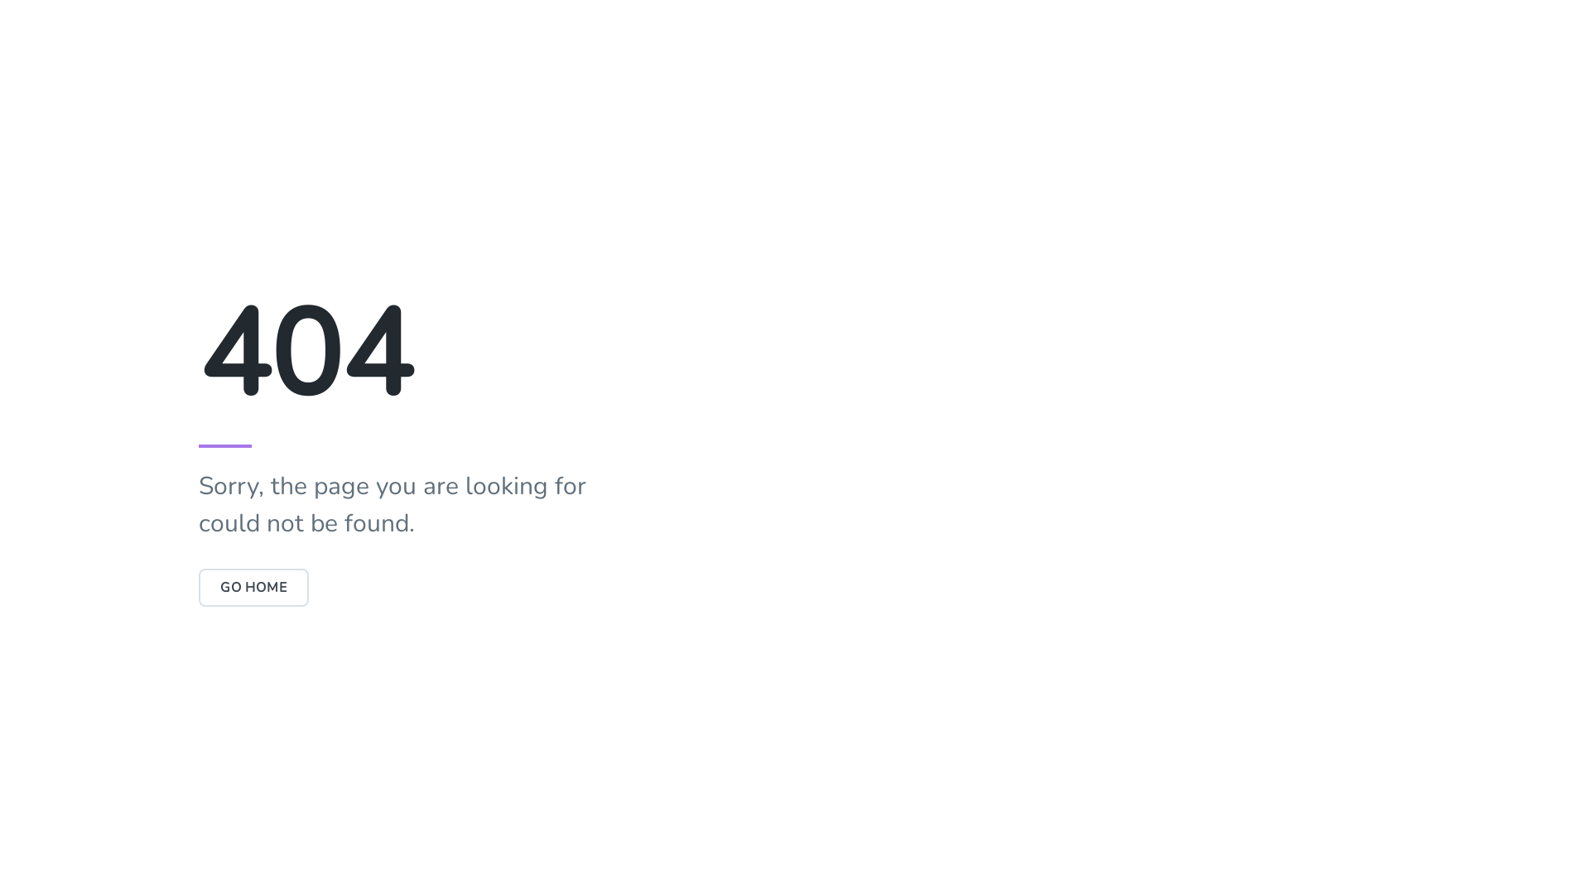 Image resolution: width=1590 pixels, height=894 pixels. What do you see at coordinates (253, 586) in the screenshot?
I see `'GO HOME'` at bounding box center [253, 586].